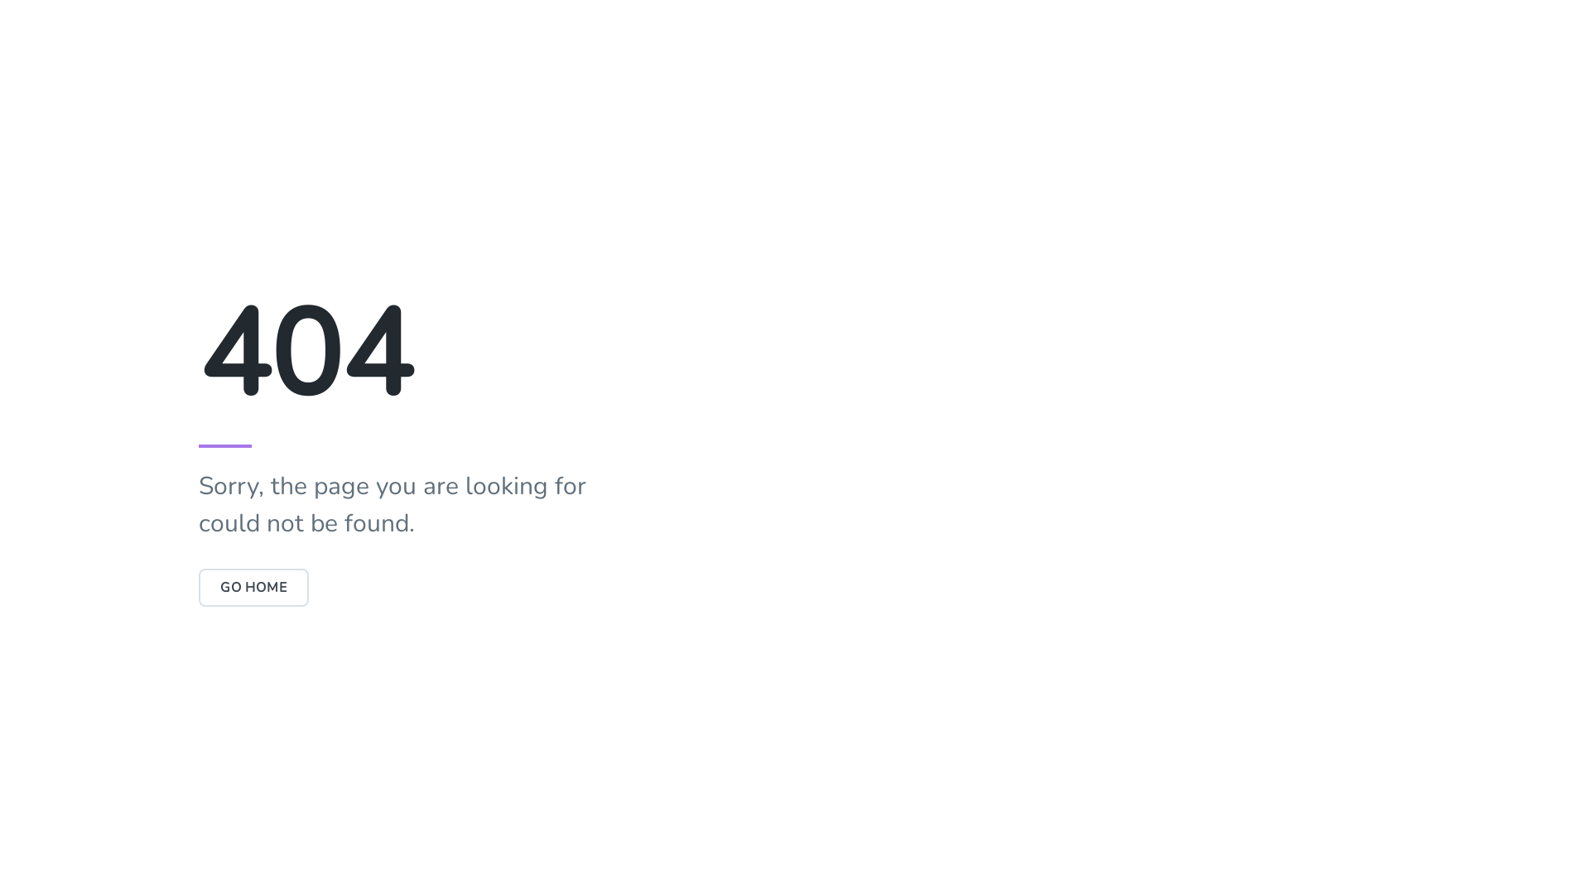 Image resolution: width=1590 pixels, height=894 pixels. What do you see at coordinates (253, 586) in the screenshot?
I see `'GO HOME'` at bounding box center [253, 586].